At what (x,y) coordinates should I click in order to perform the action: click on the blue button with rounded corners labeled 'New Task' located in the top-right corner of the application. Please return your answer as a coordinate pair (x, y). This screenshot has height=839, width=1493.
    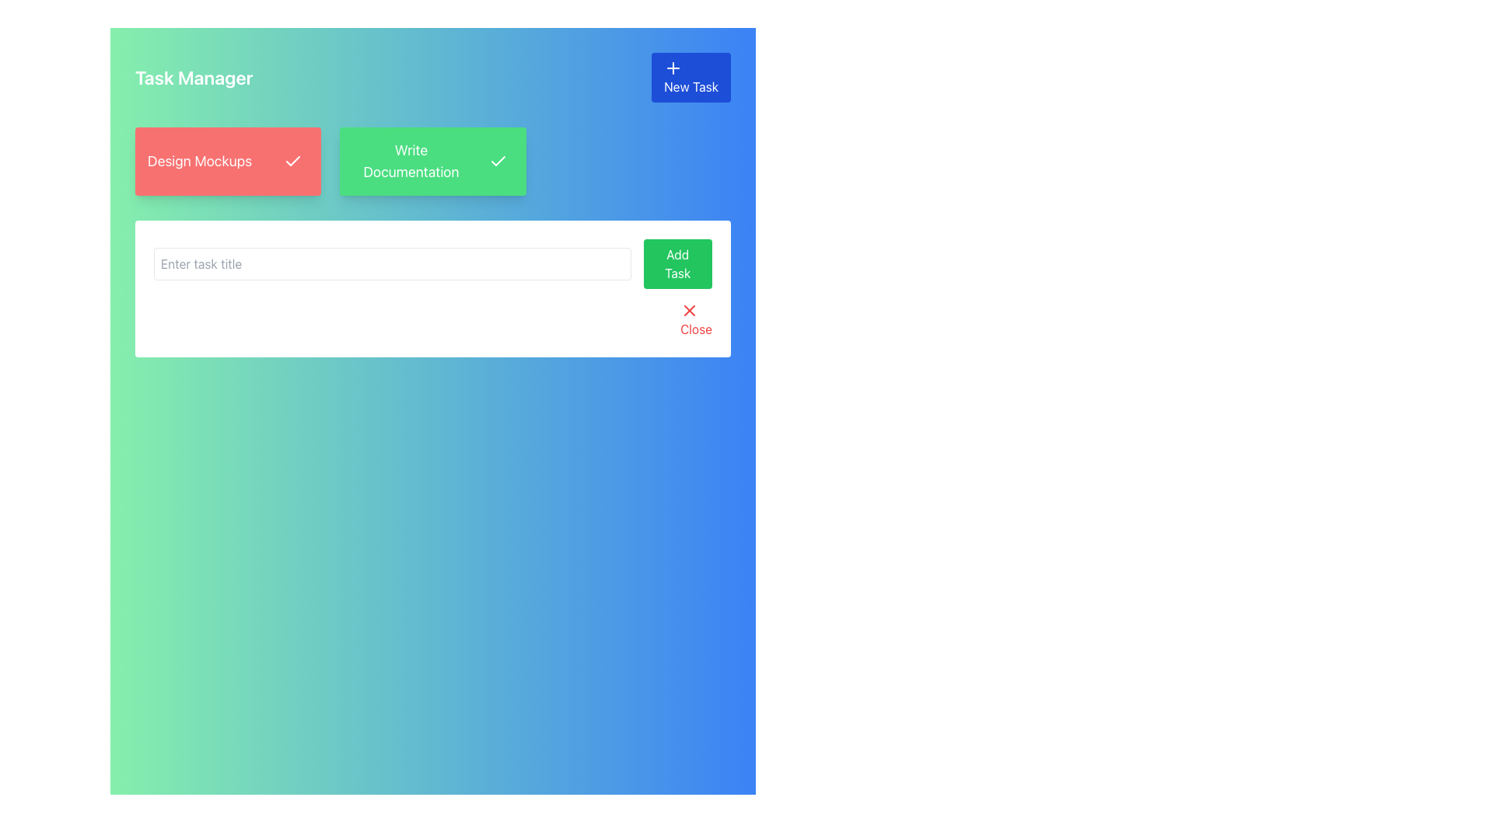
    Looking at the image, I should click on (690, 78).